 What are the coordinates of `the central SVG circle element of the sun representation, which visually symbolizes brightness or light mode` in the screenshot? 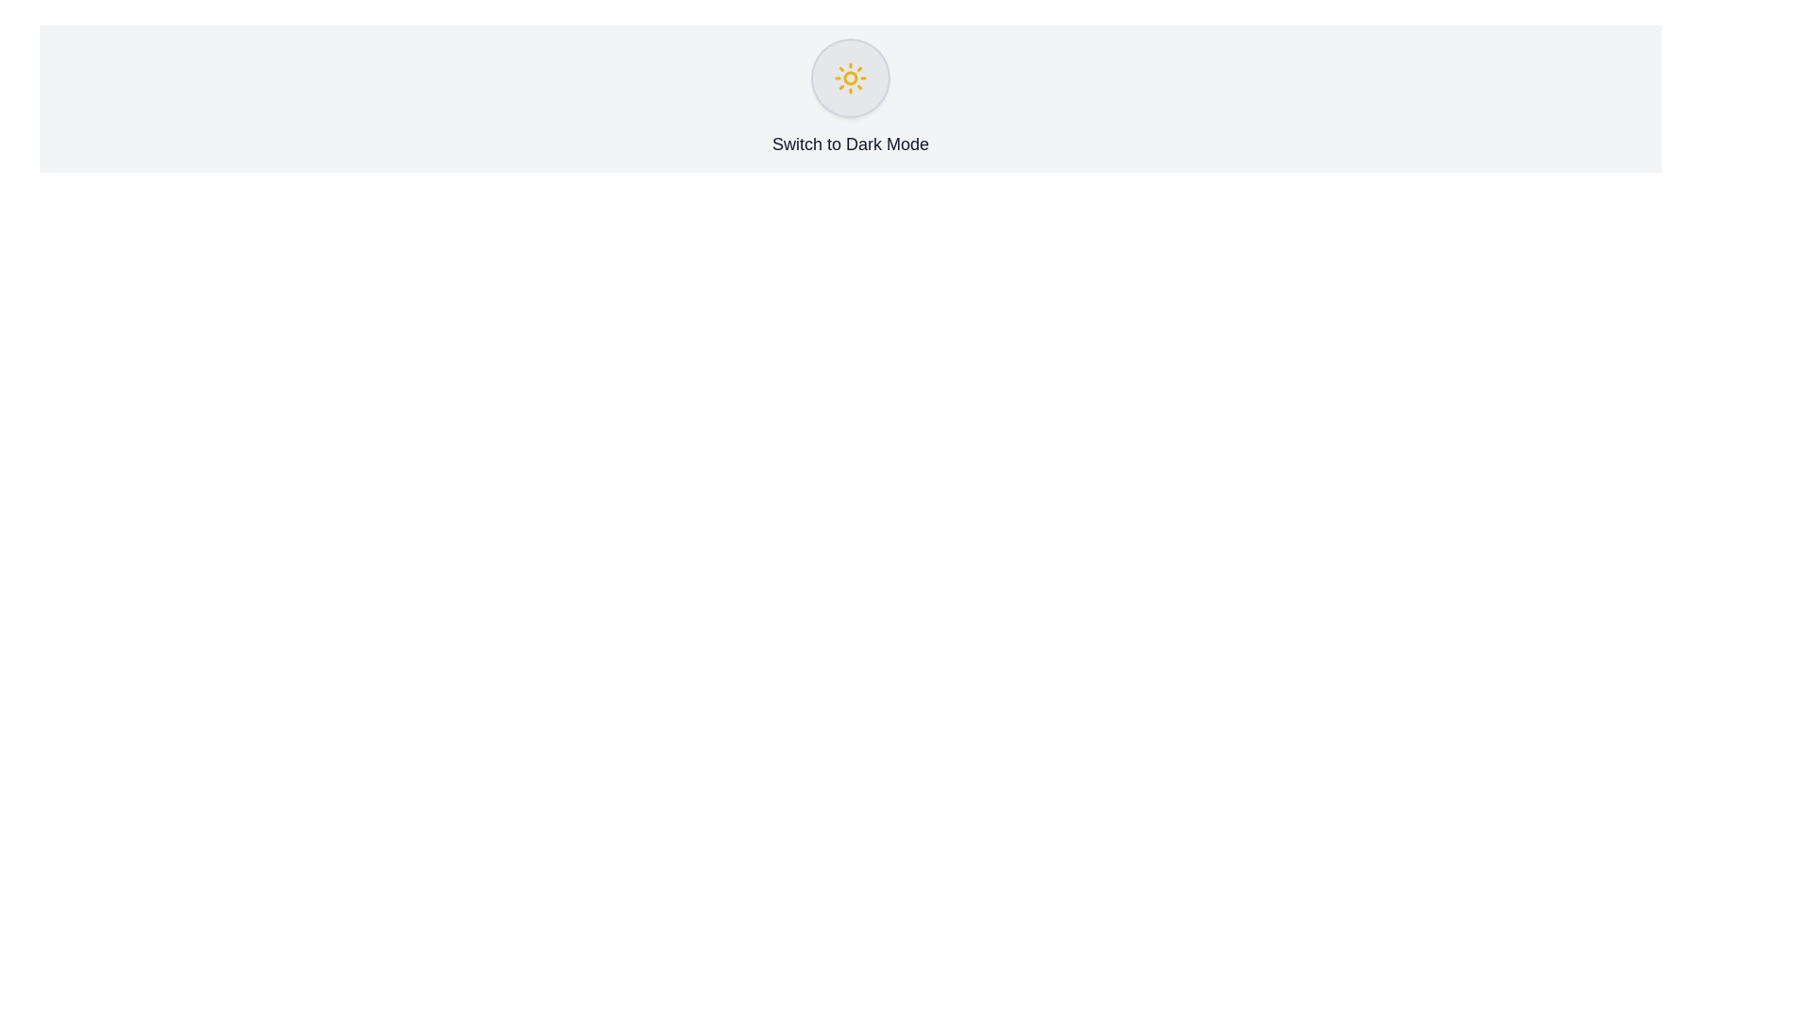 It's located at (850, 77).